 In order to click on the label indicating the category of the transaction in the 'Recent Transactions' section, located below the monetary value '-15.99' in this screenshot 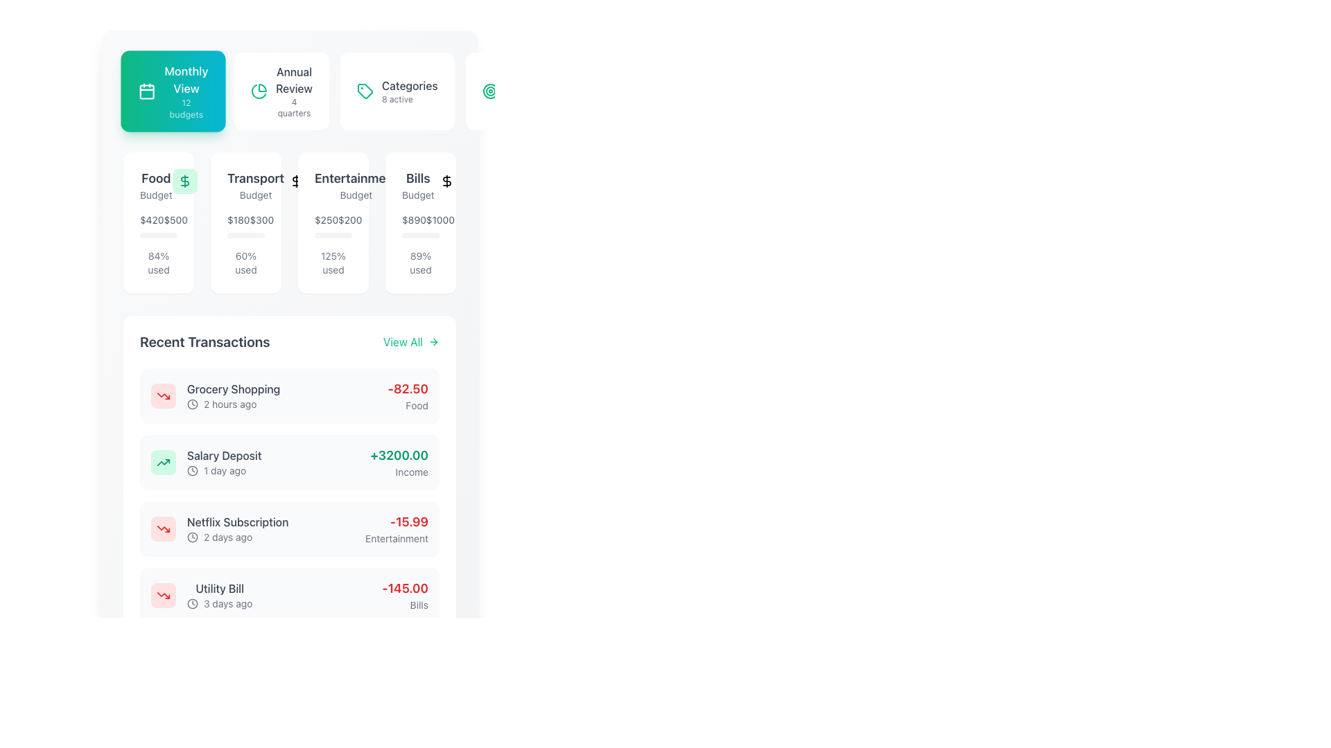, I will do `click(396, 538)`.